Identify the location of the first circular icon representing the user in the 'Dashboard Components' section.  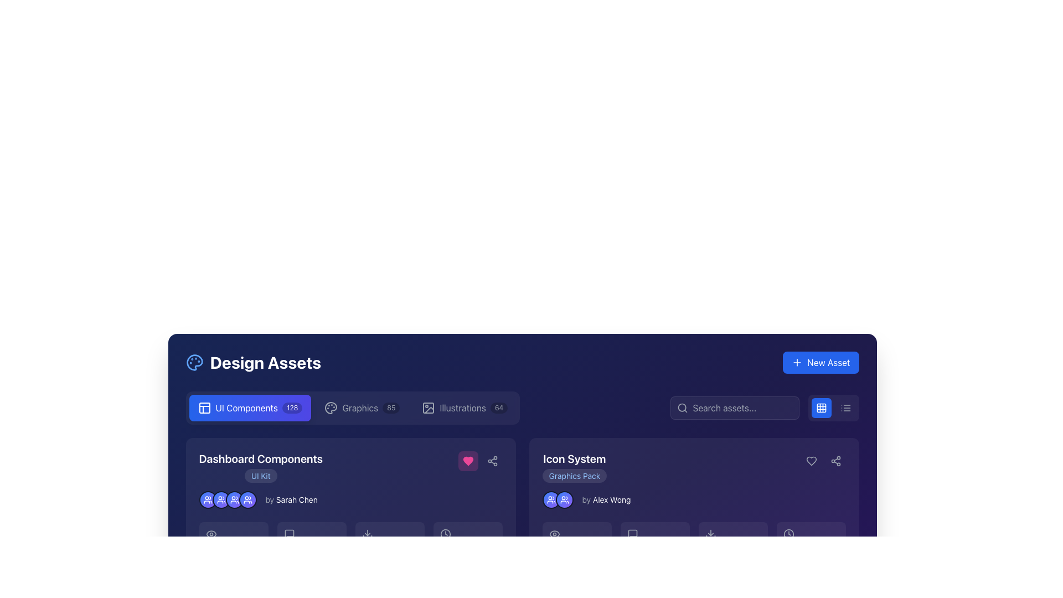
(208, 499).